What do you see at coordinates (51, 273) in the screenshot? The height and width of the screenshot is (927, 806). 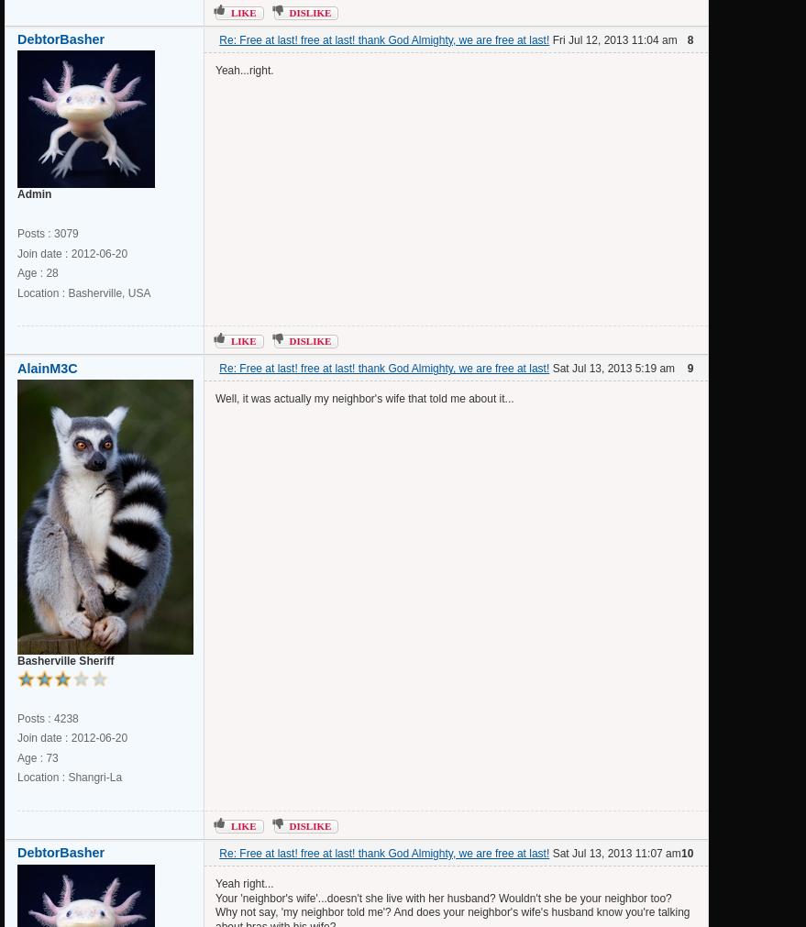 I see `'28'` at bounding box center [51, 273].